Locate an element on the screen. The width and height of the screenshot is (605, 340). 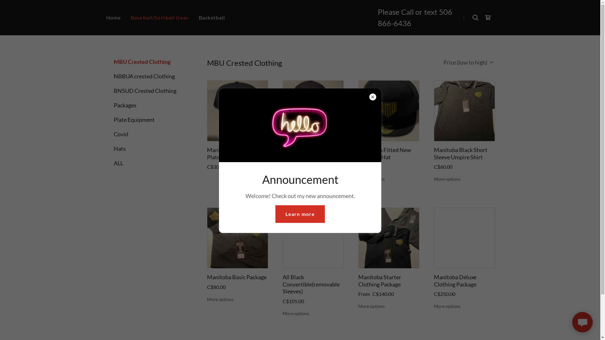
'ALL' is located at coordinates (148, 162).